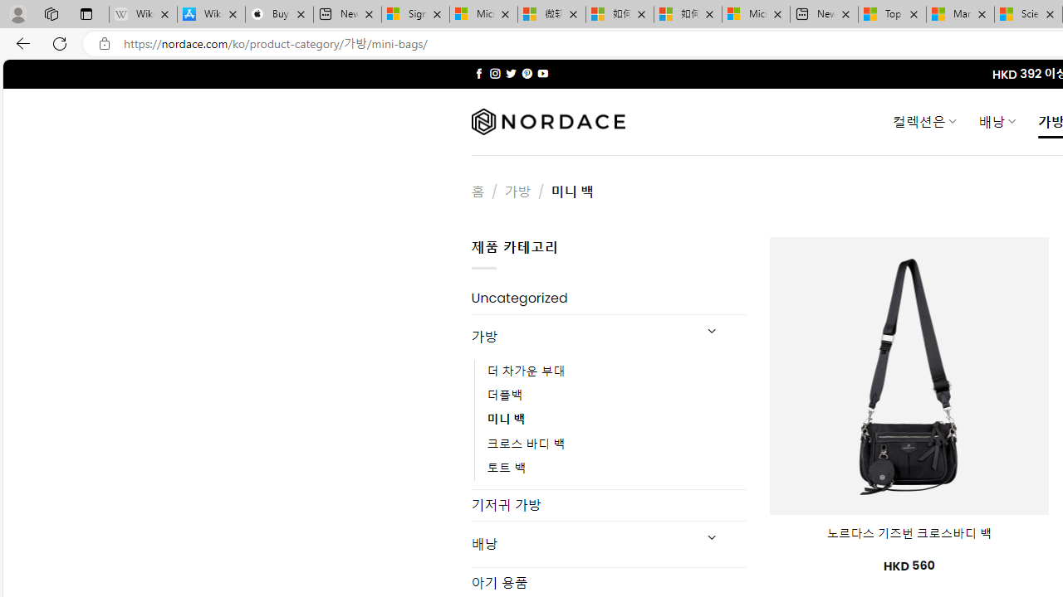  What do you see at coordinates (279, 14) in the screenshot?
I see `'Buy iPad - Apple'` at bounding box center [279, 14].